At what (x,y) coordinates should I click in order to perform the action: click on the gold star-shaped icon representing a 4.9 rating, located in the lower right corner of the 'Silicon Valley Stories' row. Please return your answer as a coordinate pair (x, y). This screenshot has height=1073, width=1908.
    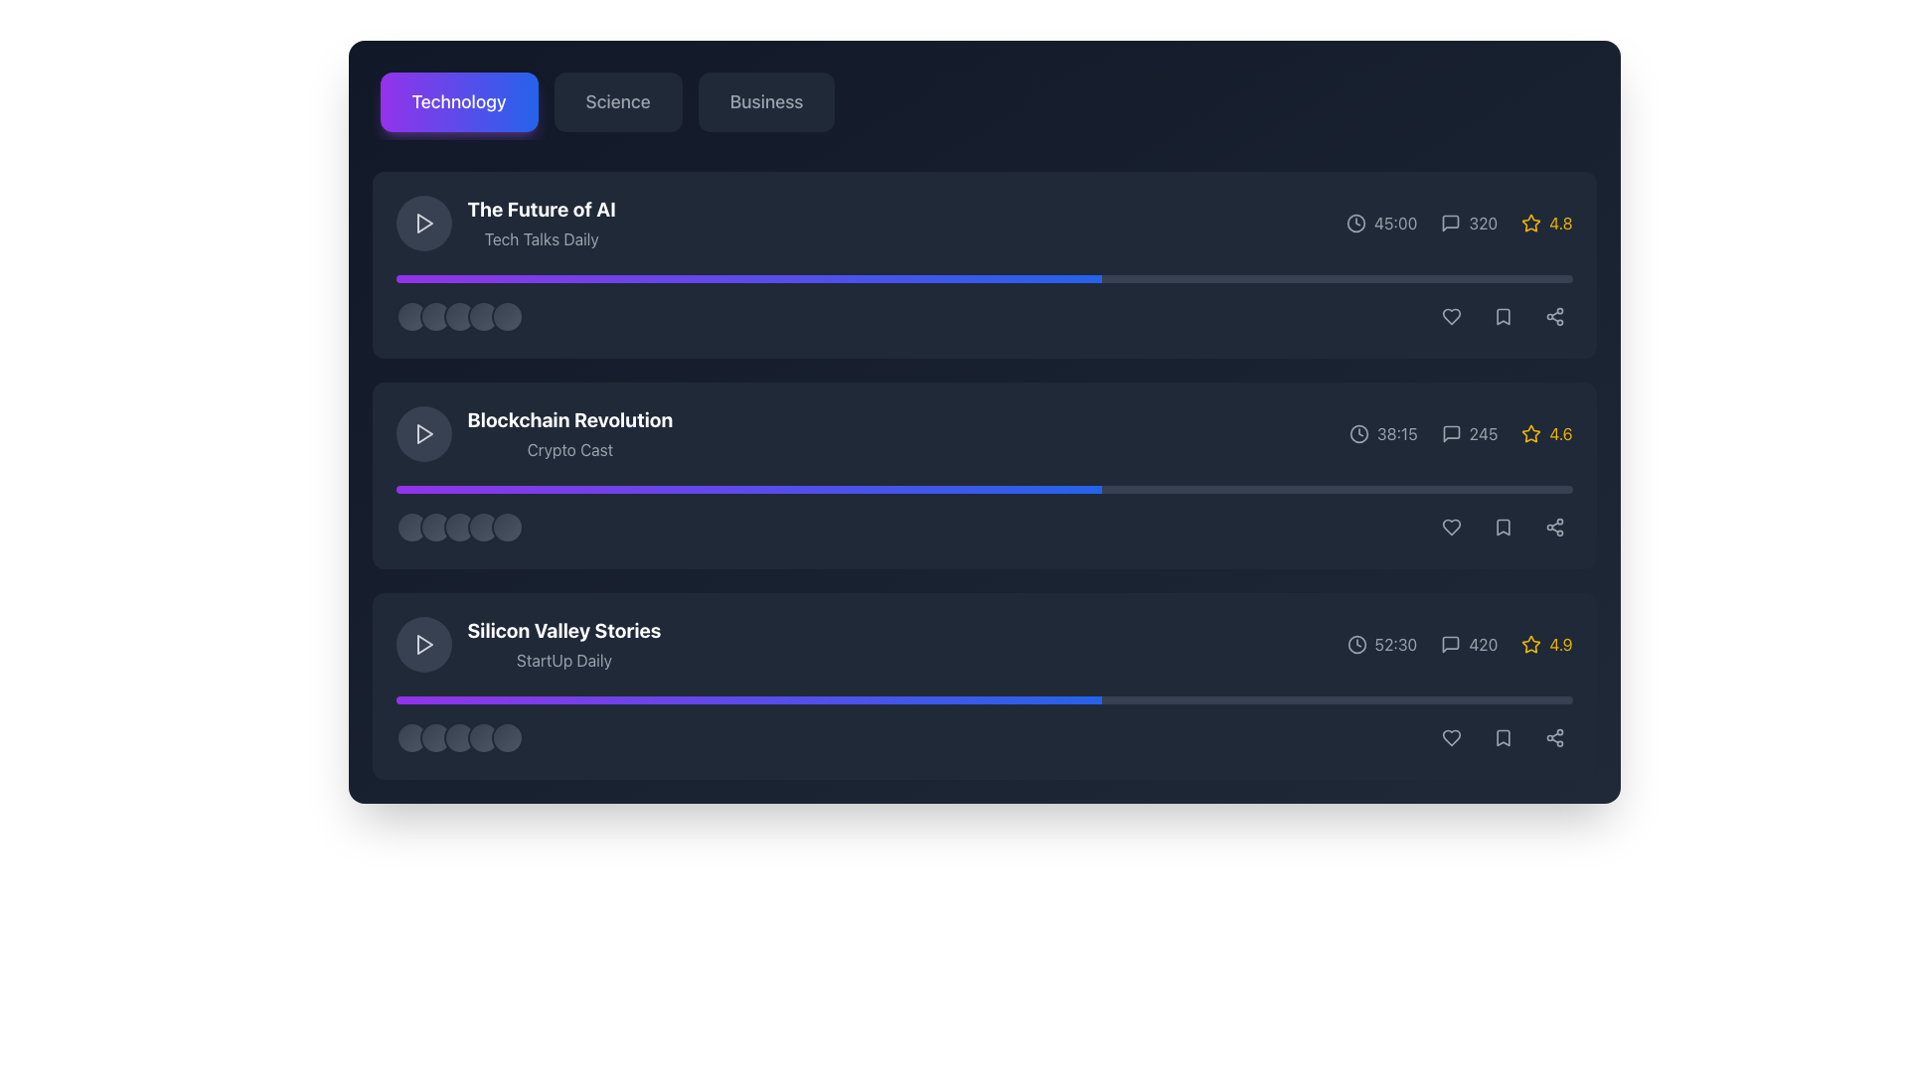
    Looking at the image, I should click on (1530, 644).